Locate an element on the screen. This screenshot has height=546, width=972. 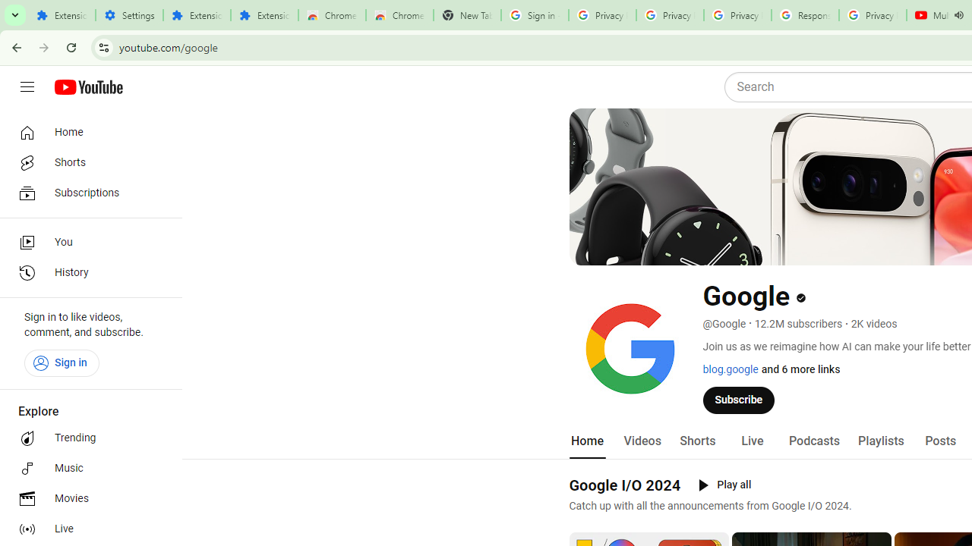
'Sign in - Google Accounts' is located at coordinates (535, 15).